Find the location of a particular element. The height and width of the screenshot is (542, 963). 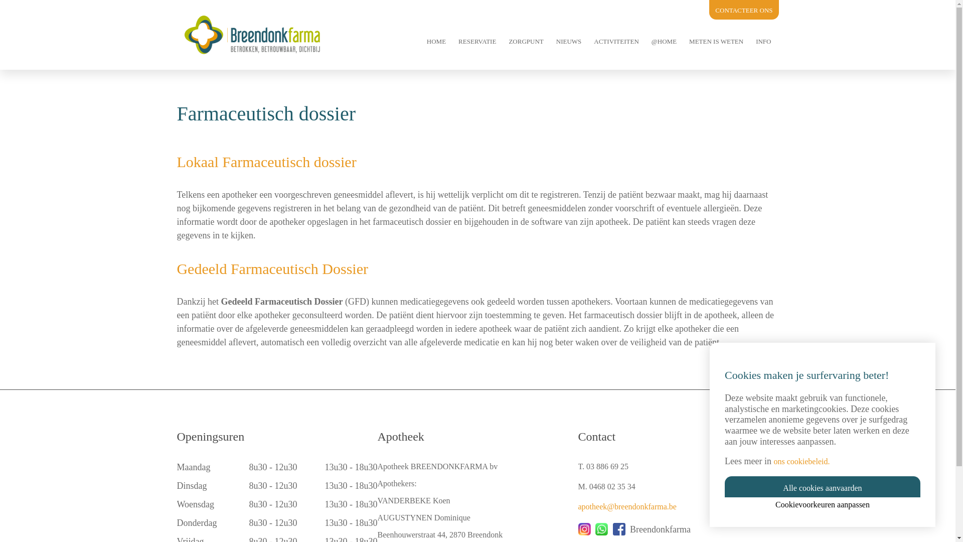

'ZORGPUNT' is located at coordinates (525, 40).